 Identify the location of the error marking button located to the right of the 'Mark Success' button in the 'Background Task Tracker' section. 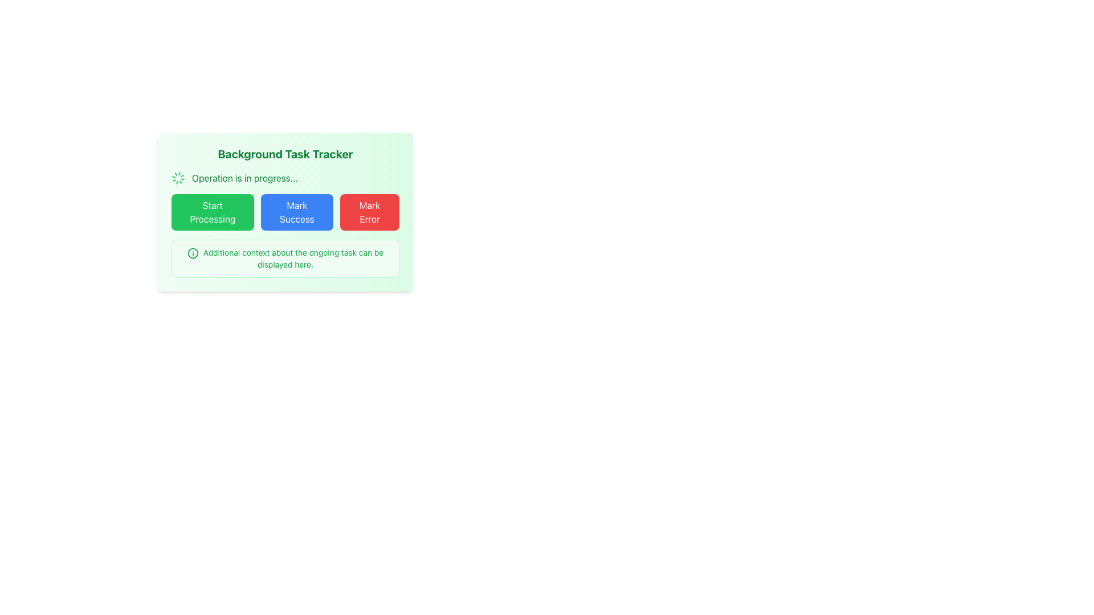
(369, 212).